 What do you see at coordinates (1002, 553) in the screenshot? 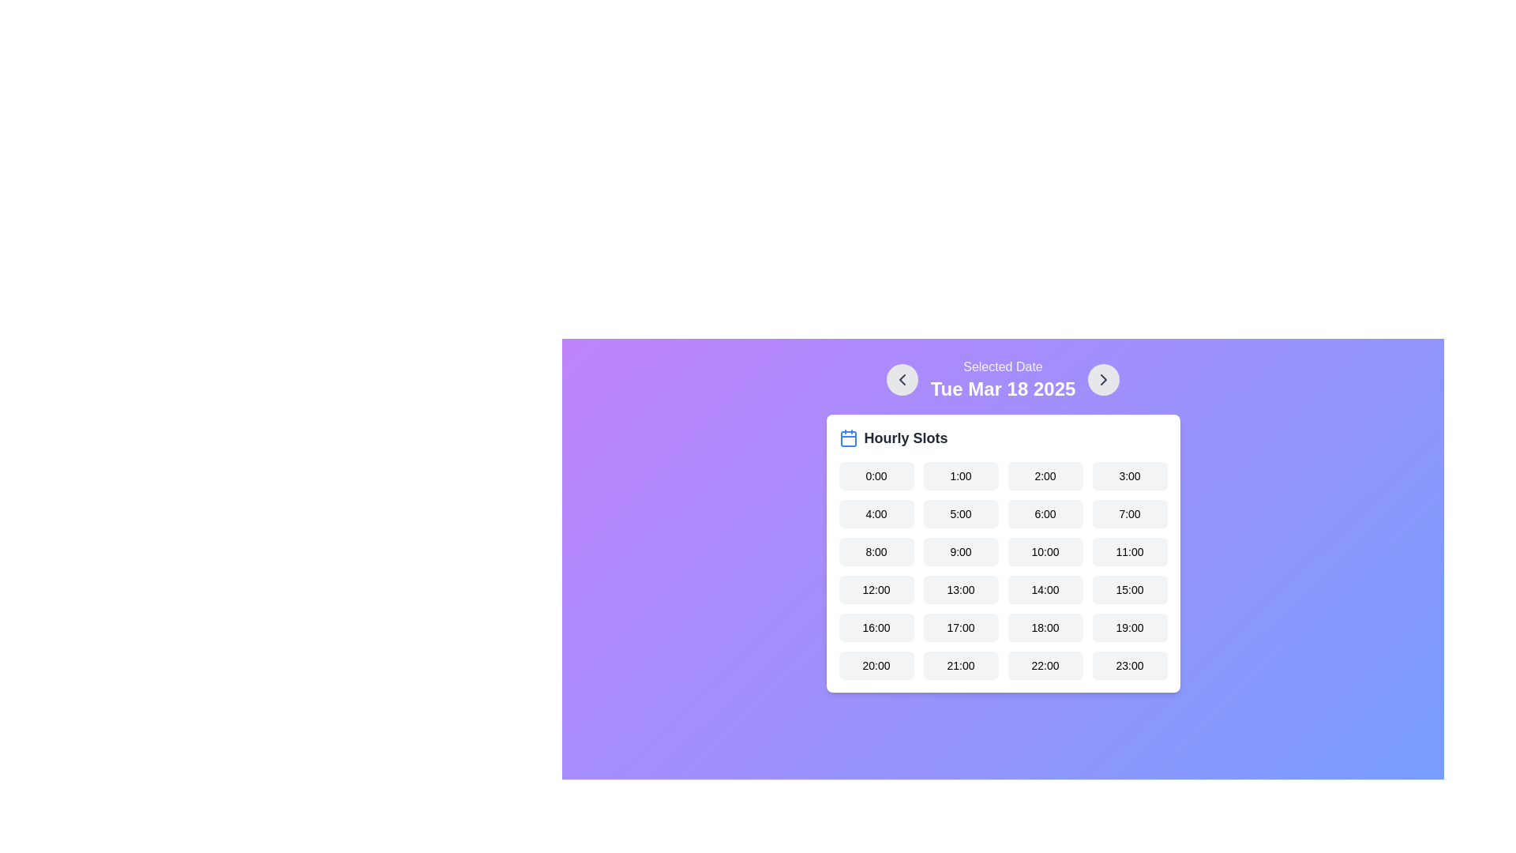
I see `an hourly slot button within the Interactive card titled 'Hourly Slots'` at bounding box center [1002, 553].